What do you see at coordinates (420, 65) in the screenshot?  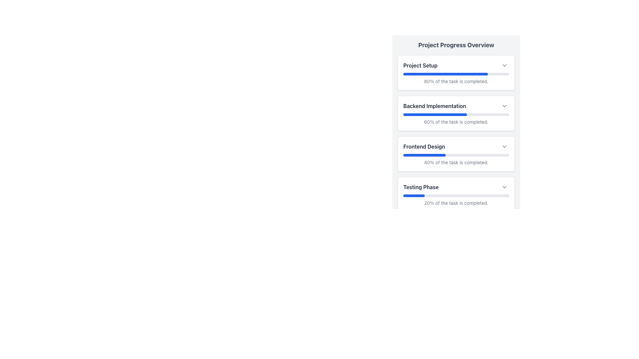 I see `the text label displaying 'Project Setup' in bold black font, located at the top of the first card in the vertically stacked list` at bounding box center [420, 65].